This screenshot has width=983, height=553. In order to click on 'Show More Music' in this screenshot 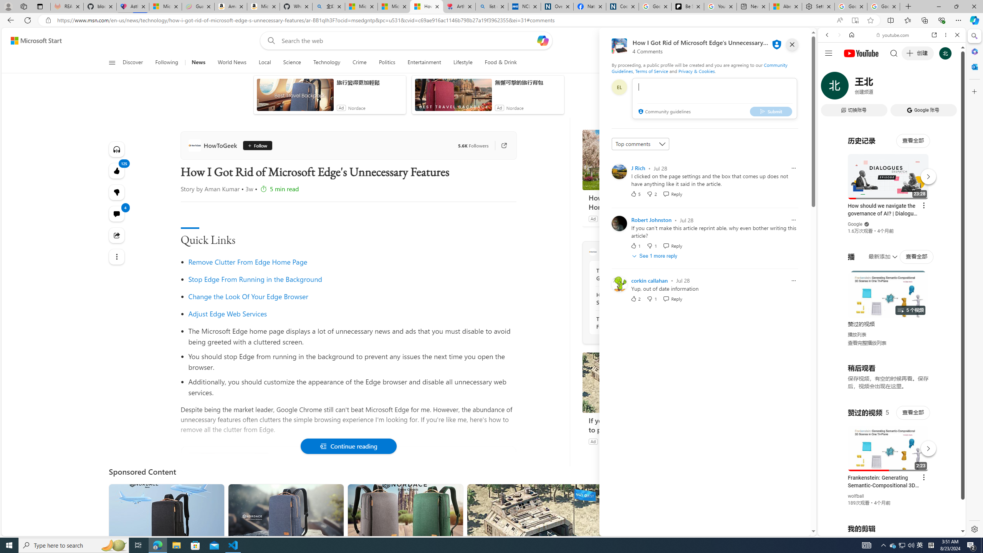, I will do `click(938, 209)`.